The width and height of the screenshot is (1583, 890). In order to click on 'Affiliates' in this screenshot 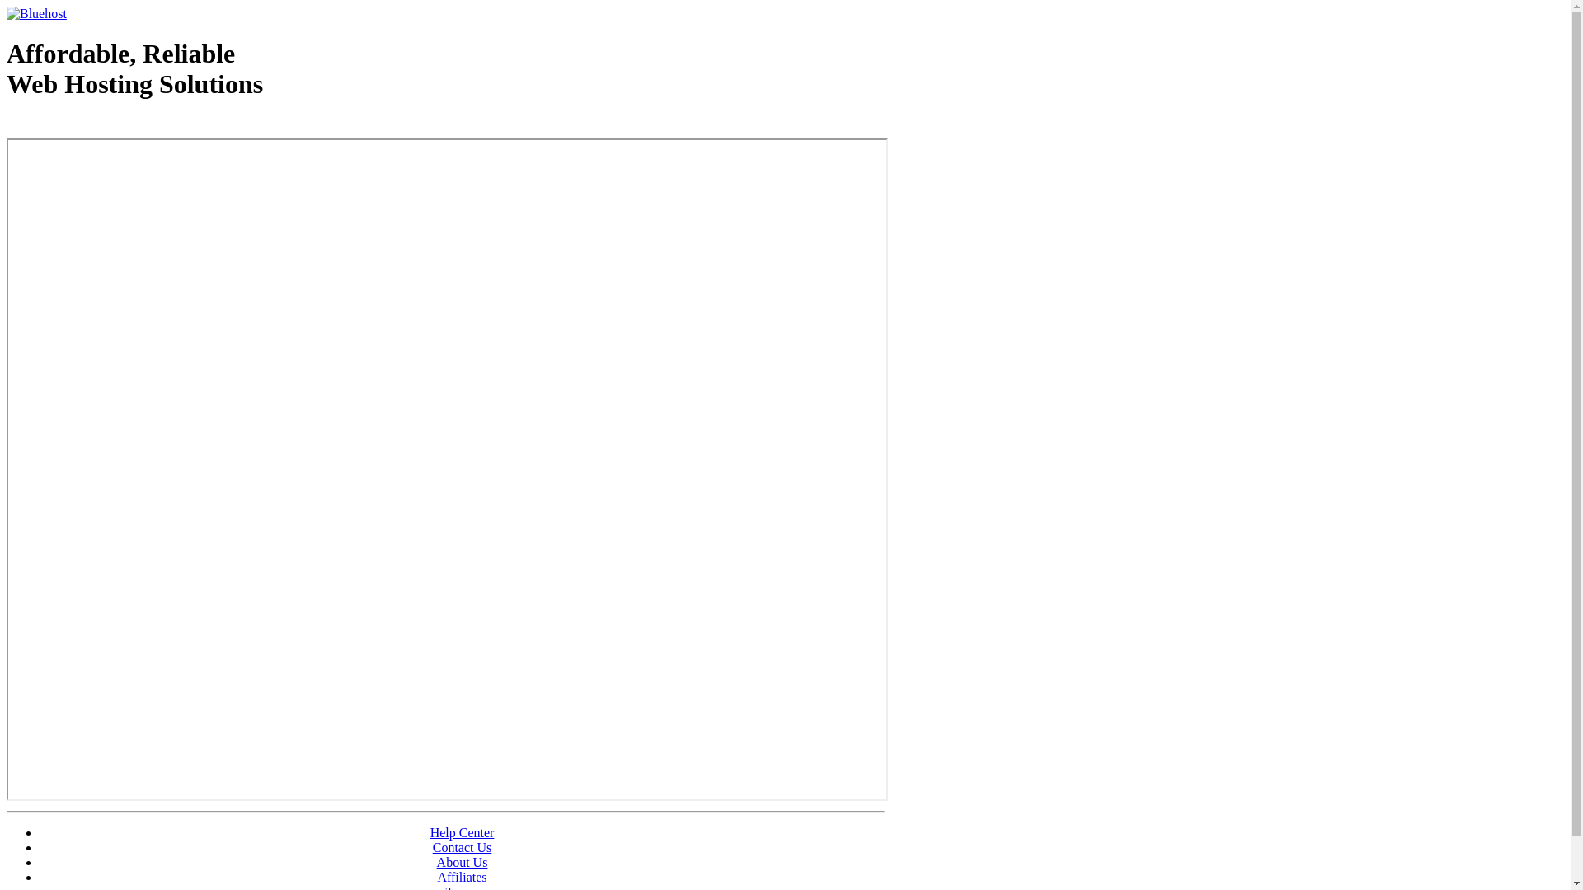, I will do `click(462, 876)`.